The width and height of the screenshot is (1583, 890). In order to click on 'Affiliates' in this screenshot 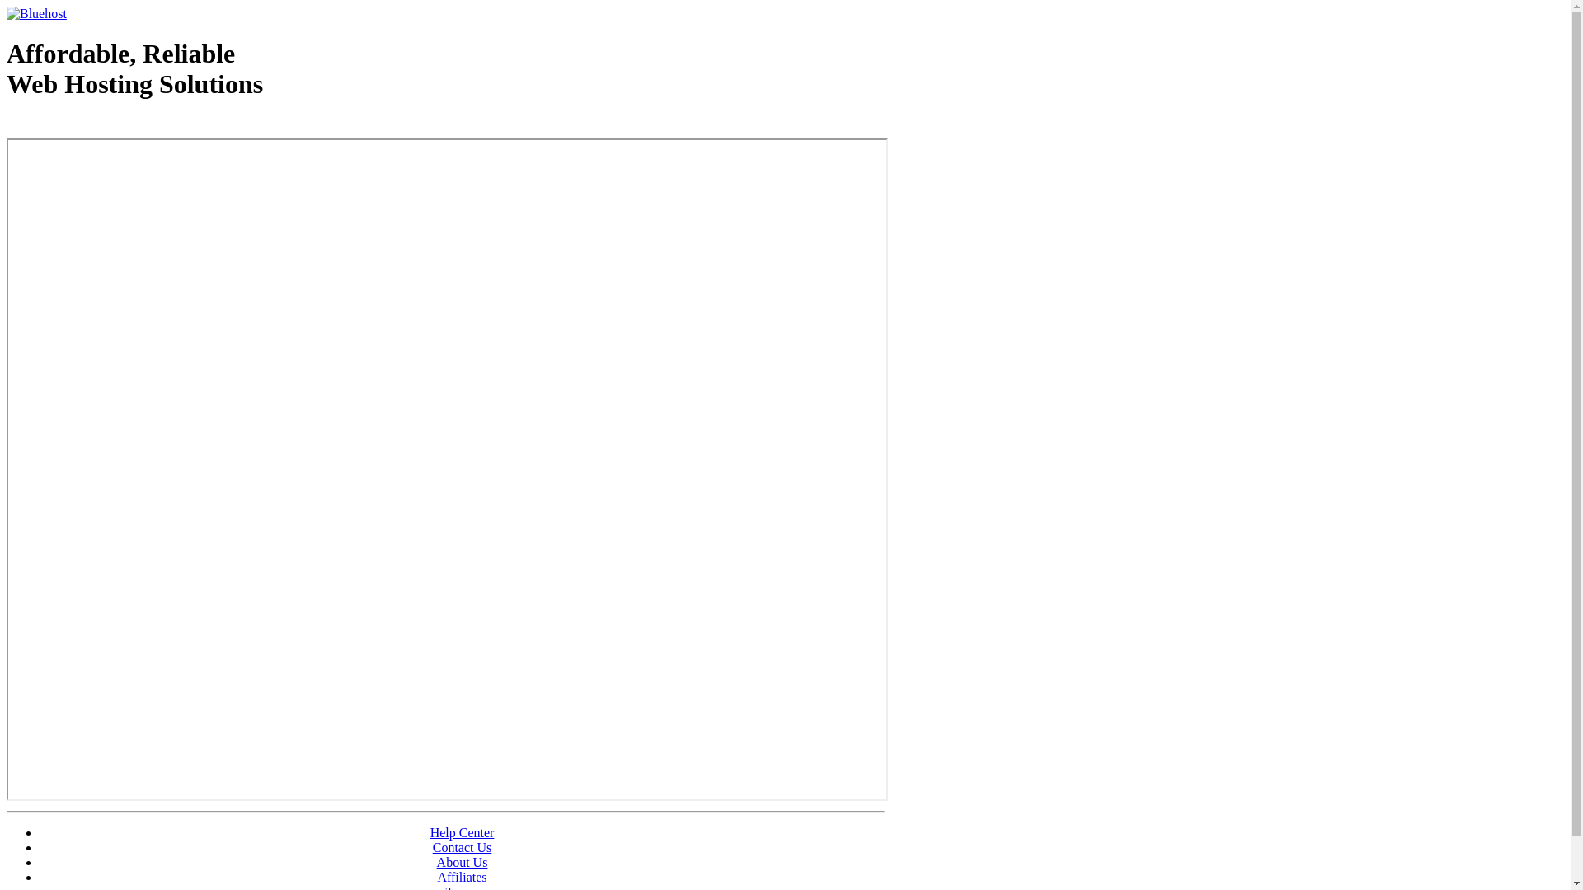, I will do `click(462, 876)`.